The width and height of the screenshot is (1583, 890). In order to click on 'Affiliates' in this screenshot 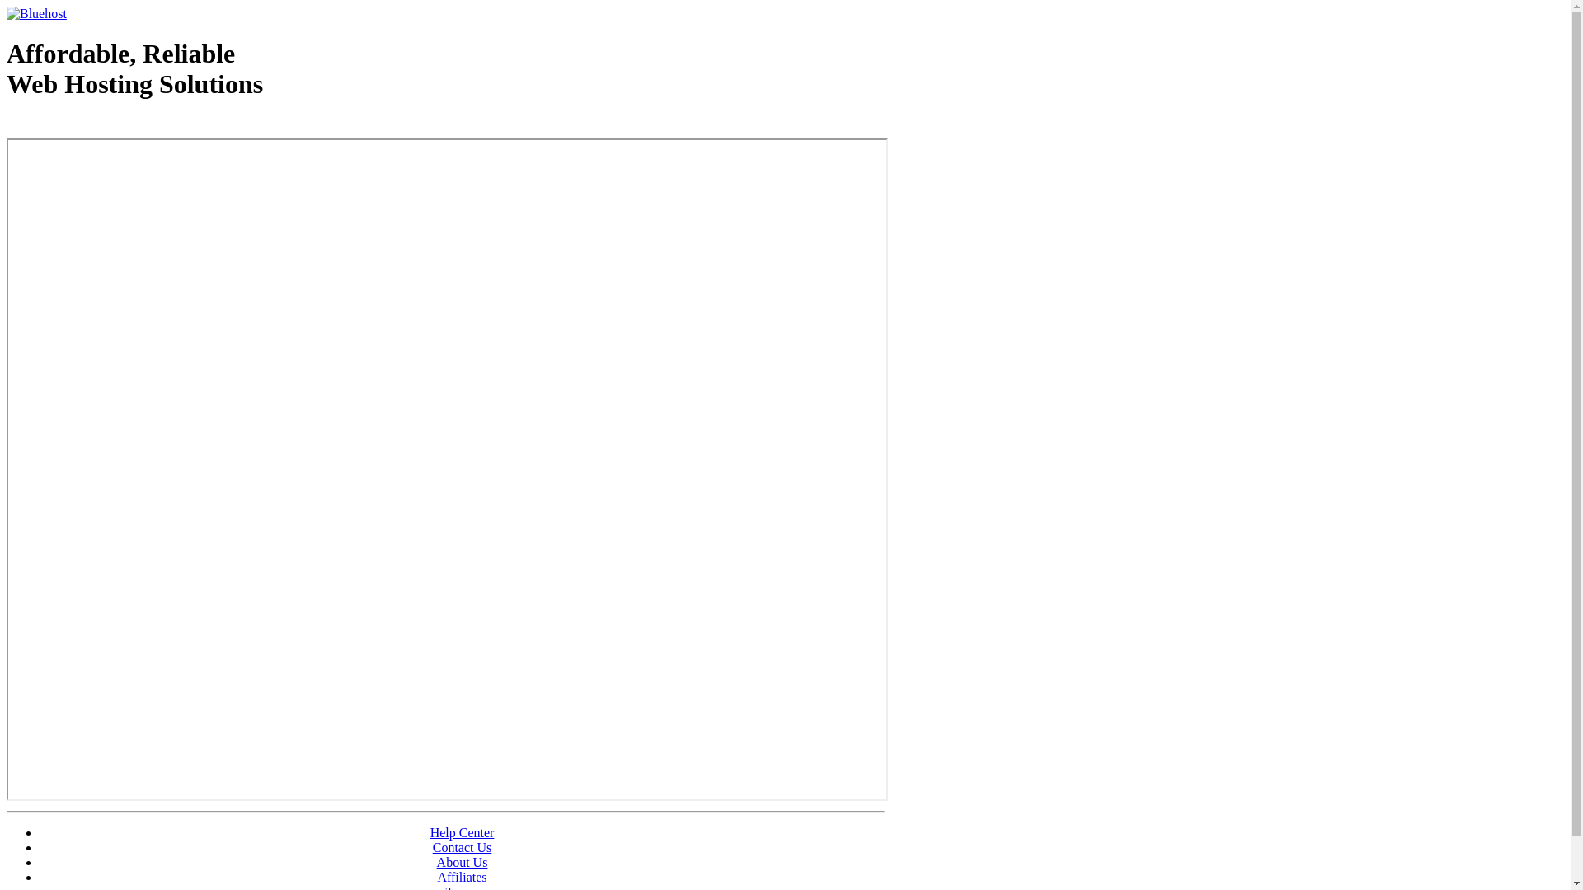, I will do `click(462, 876)`.